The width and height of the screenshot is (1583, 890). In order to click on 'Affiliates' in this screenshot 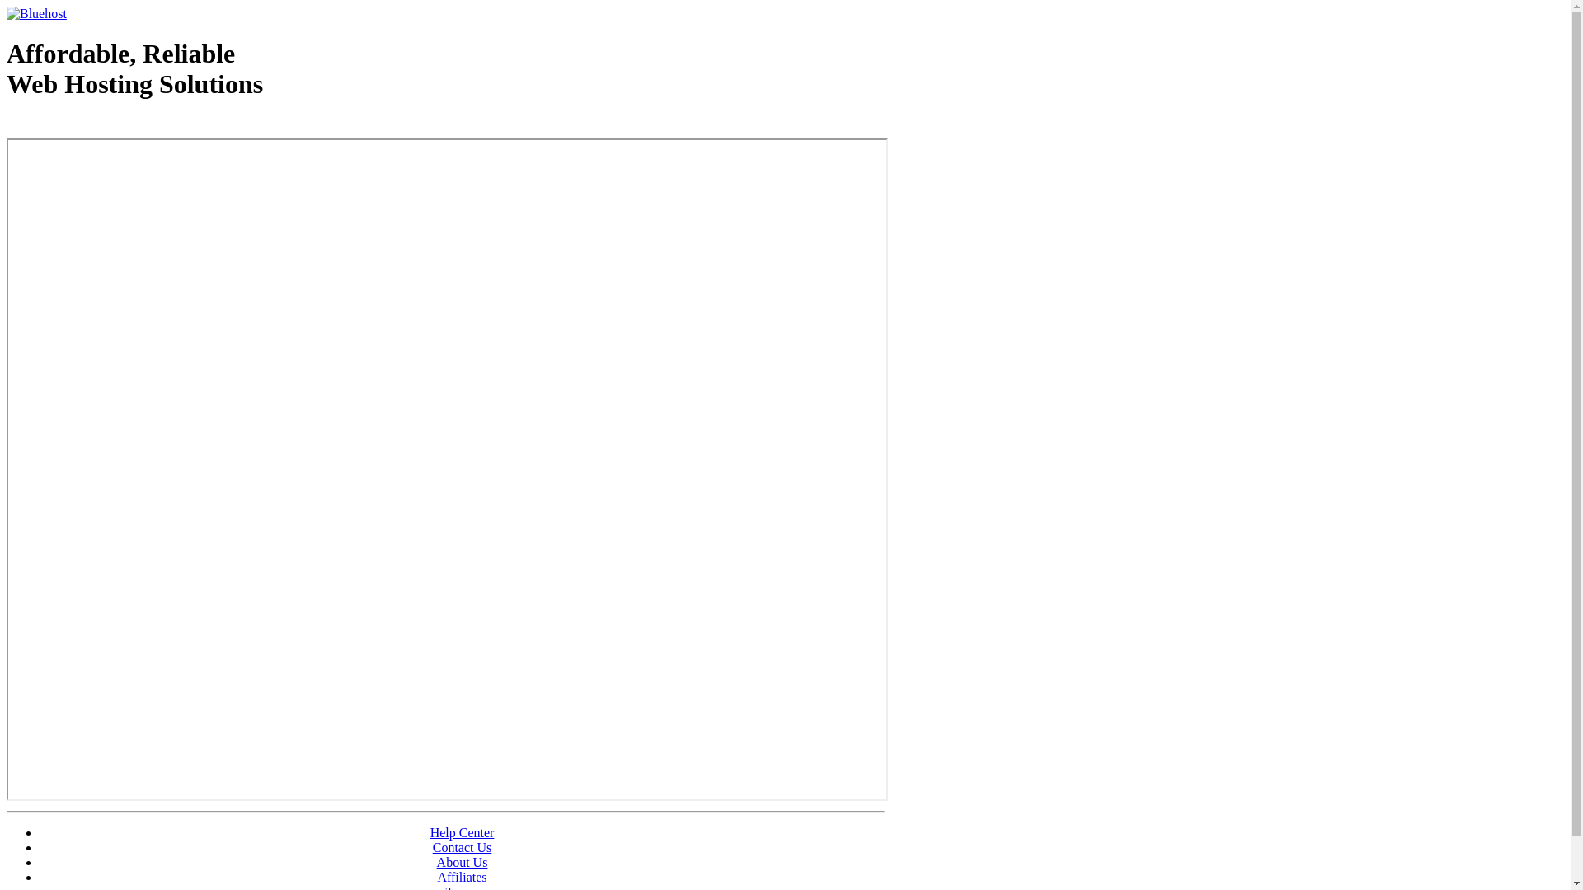, I will do `click(462, 876)`.